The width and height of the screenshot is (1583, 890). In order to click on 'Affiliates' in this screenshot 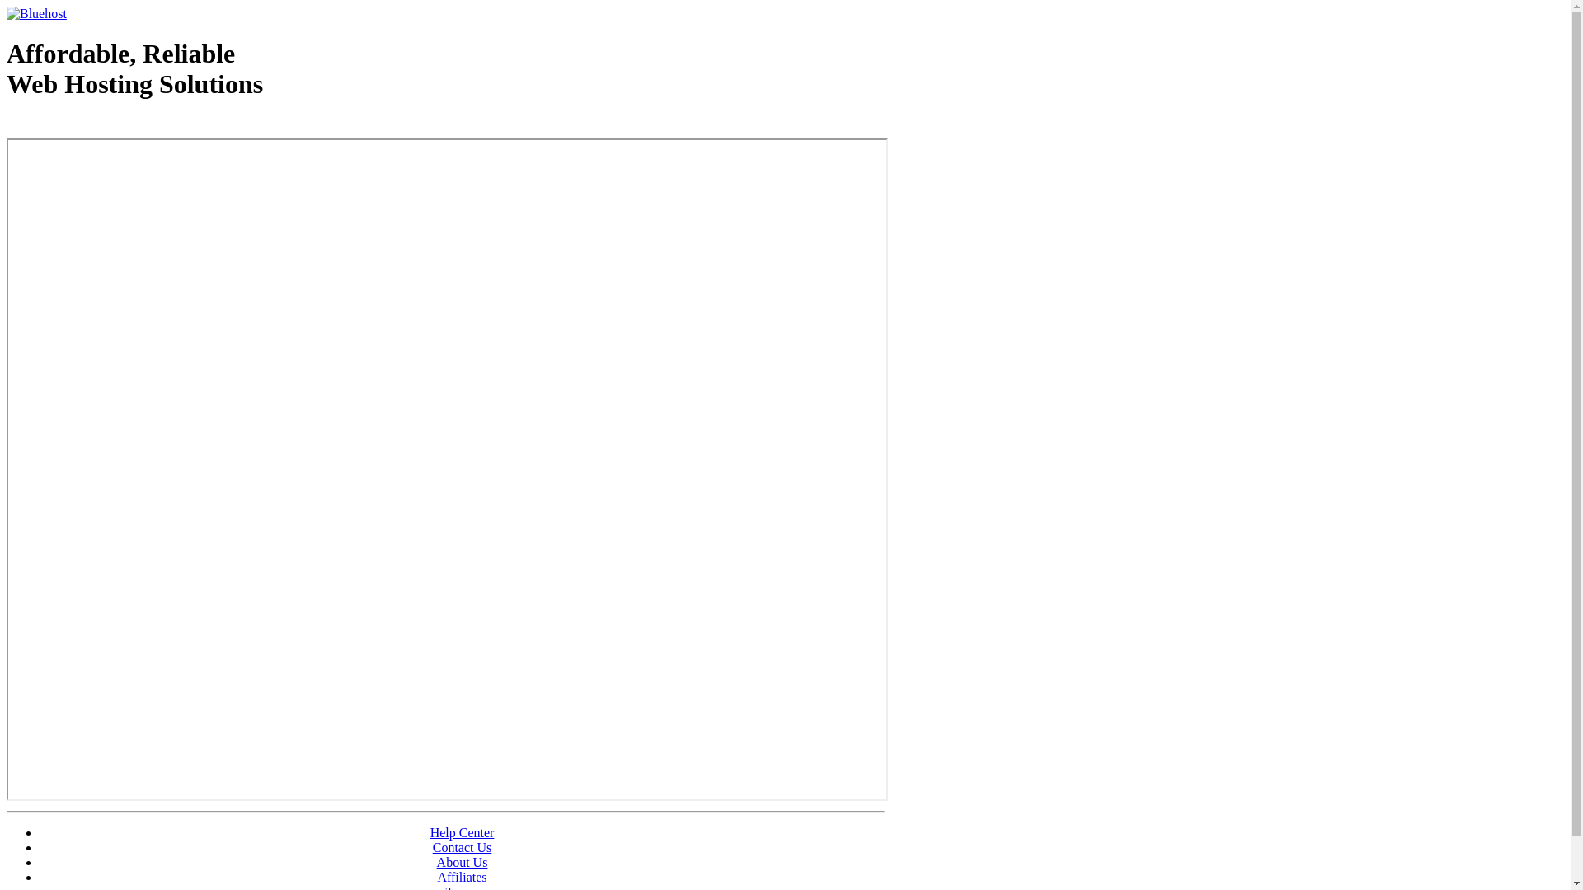, I will do `click(462, 876)`.